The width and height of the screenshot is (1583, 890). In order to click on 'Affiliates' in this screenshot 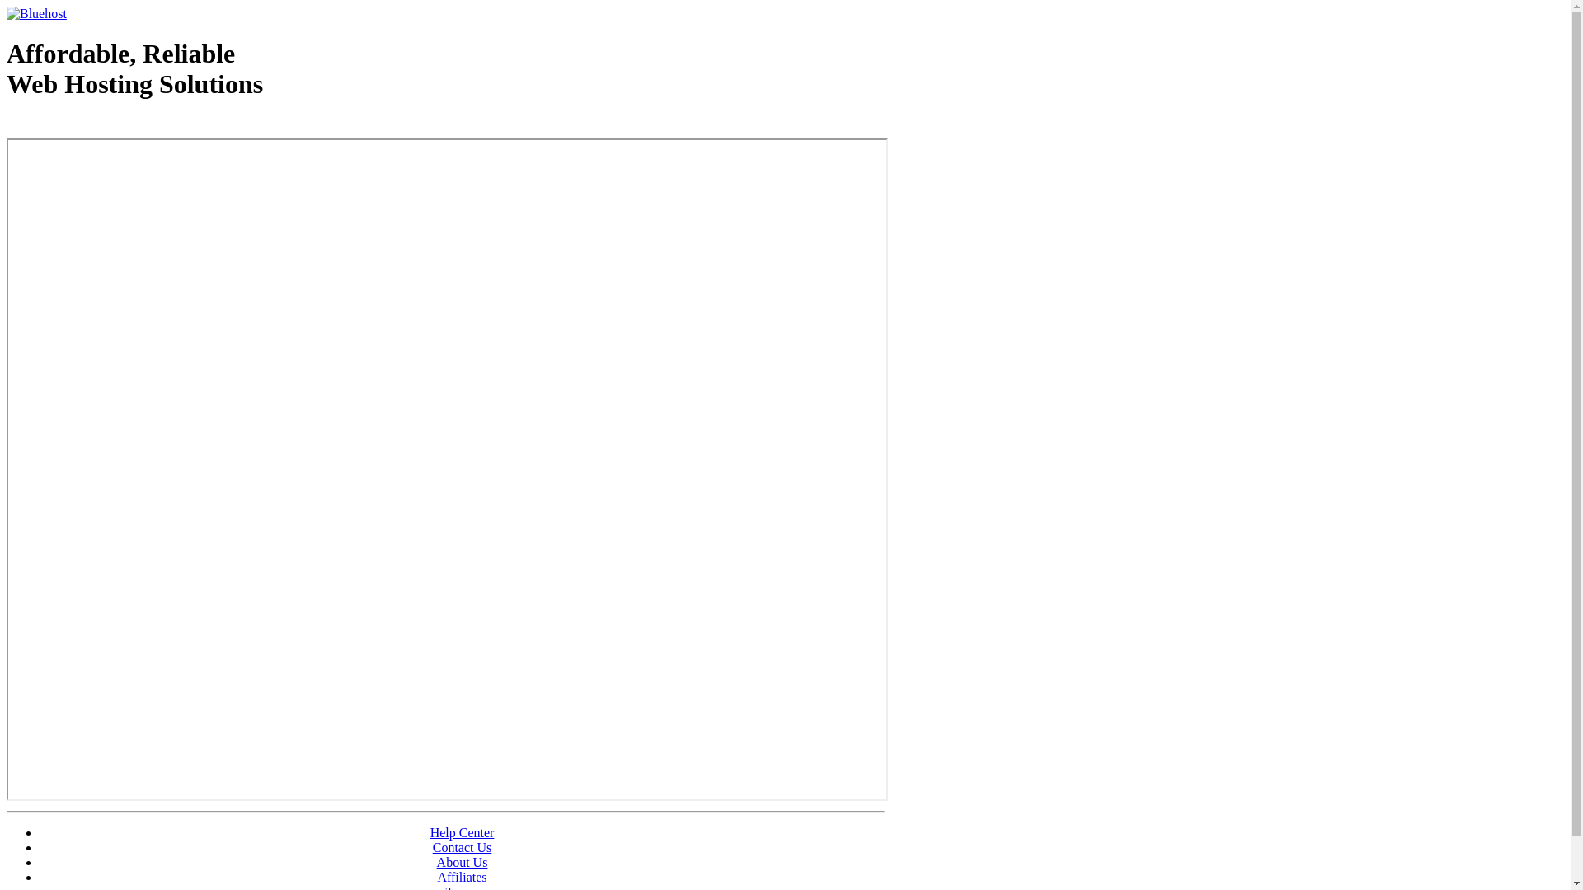, I will do `click(462, 876)`.